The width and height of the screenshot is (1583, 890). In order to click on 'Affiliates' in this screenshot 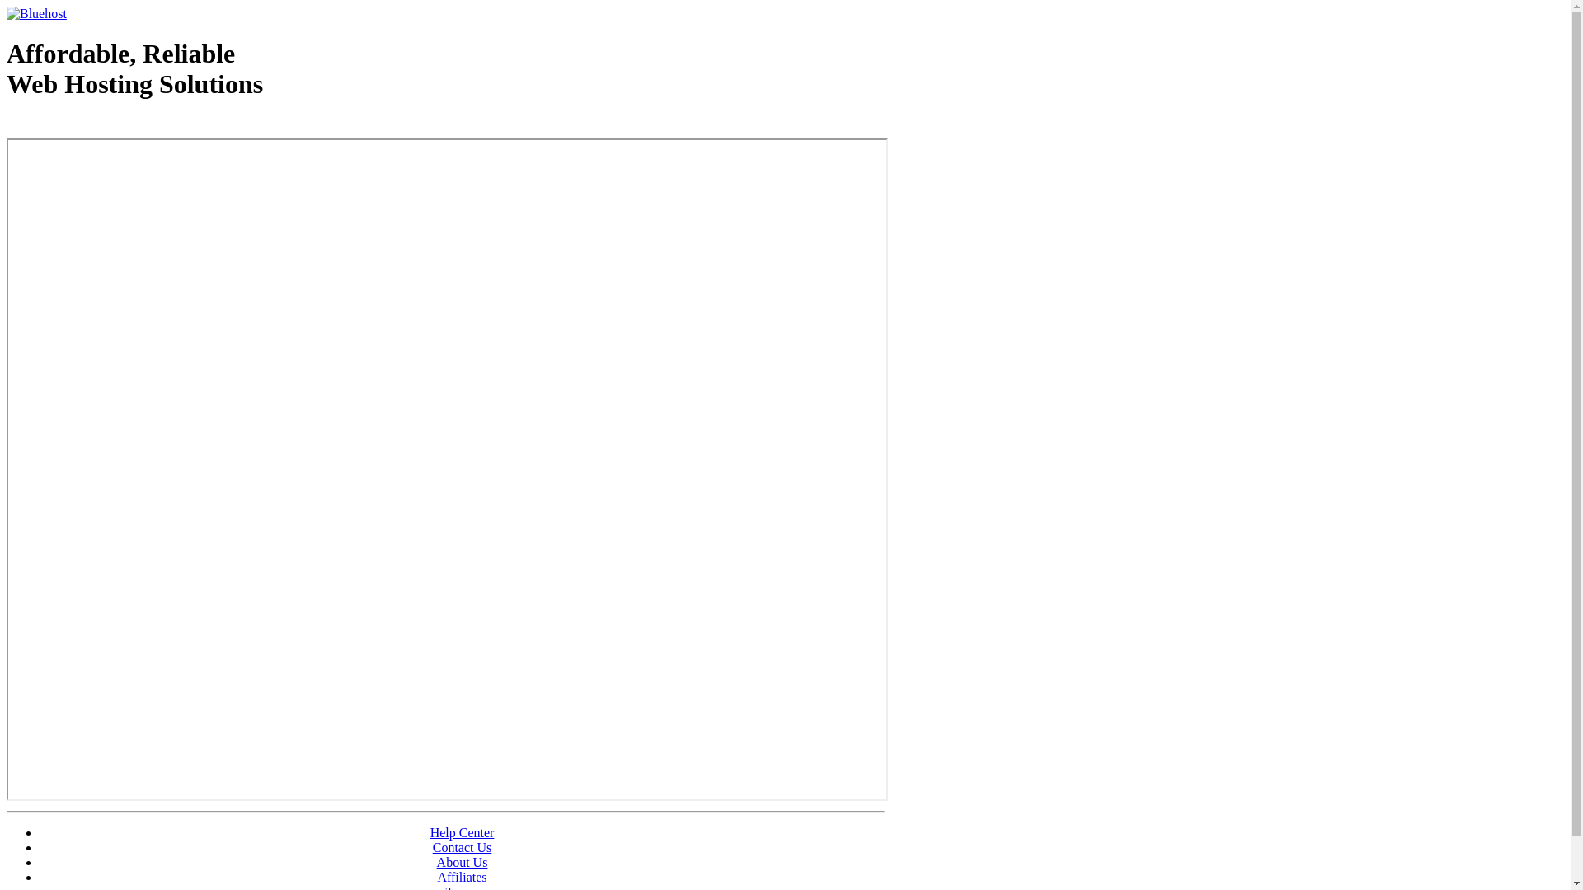, I will do `click(462, 876)`.